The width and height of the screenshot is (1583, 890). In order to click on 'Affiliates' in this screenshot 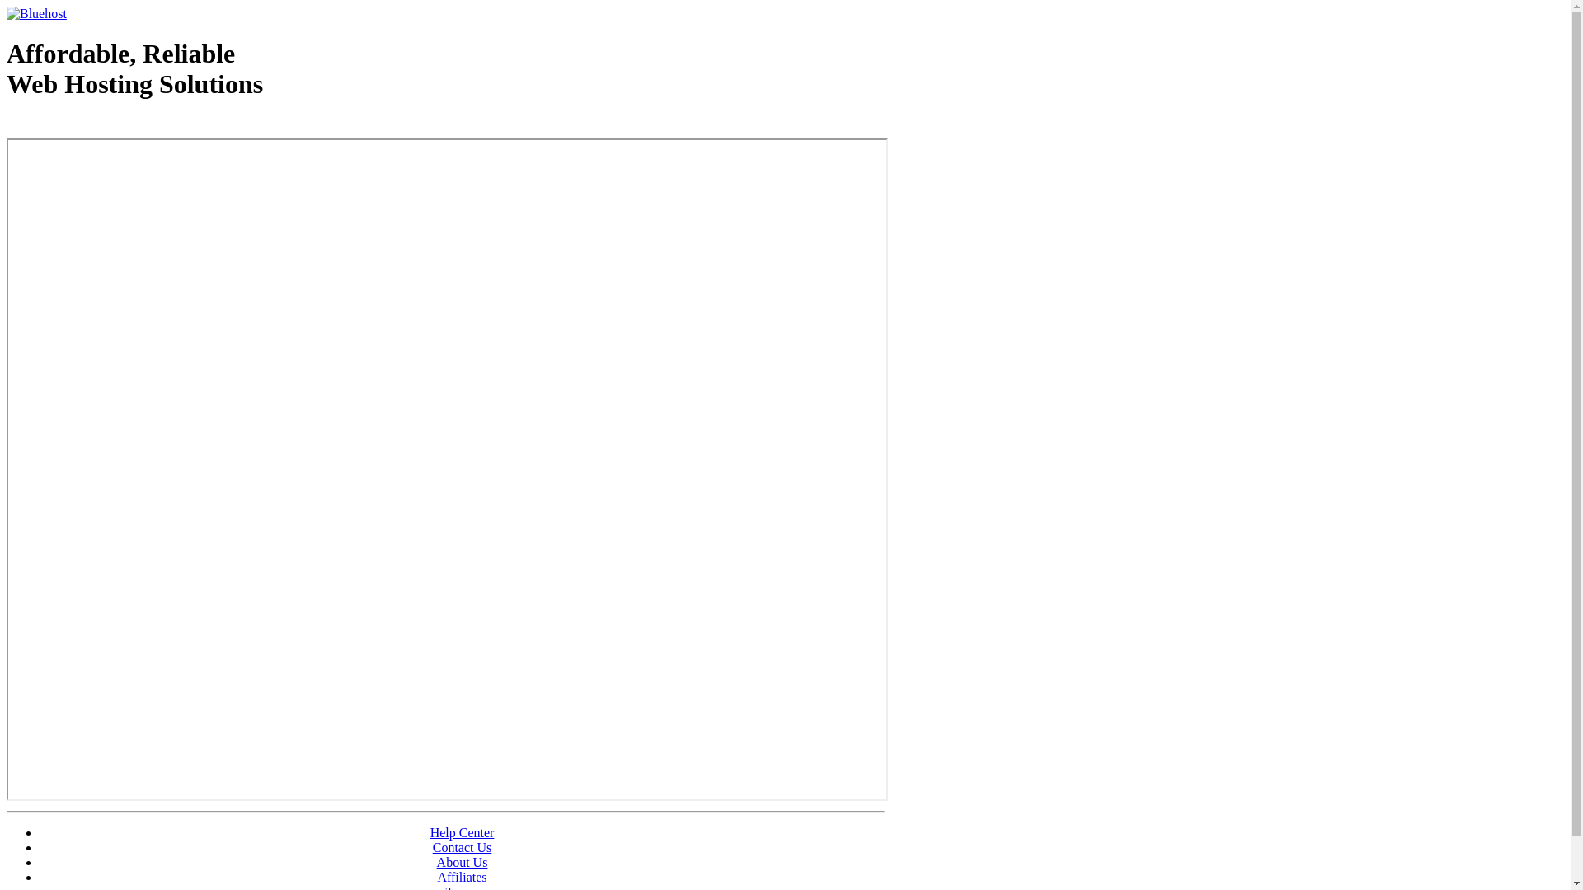, I will do `click(462, 876)`.